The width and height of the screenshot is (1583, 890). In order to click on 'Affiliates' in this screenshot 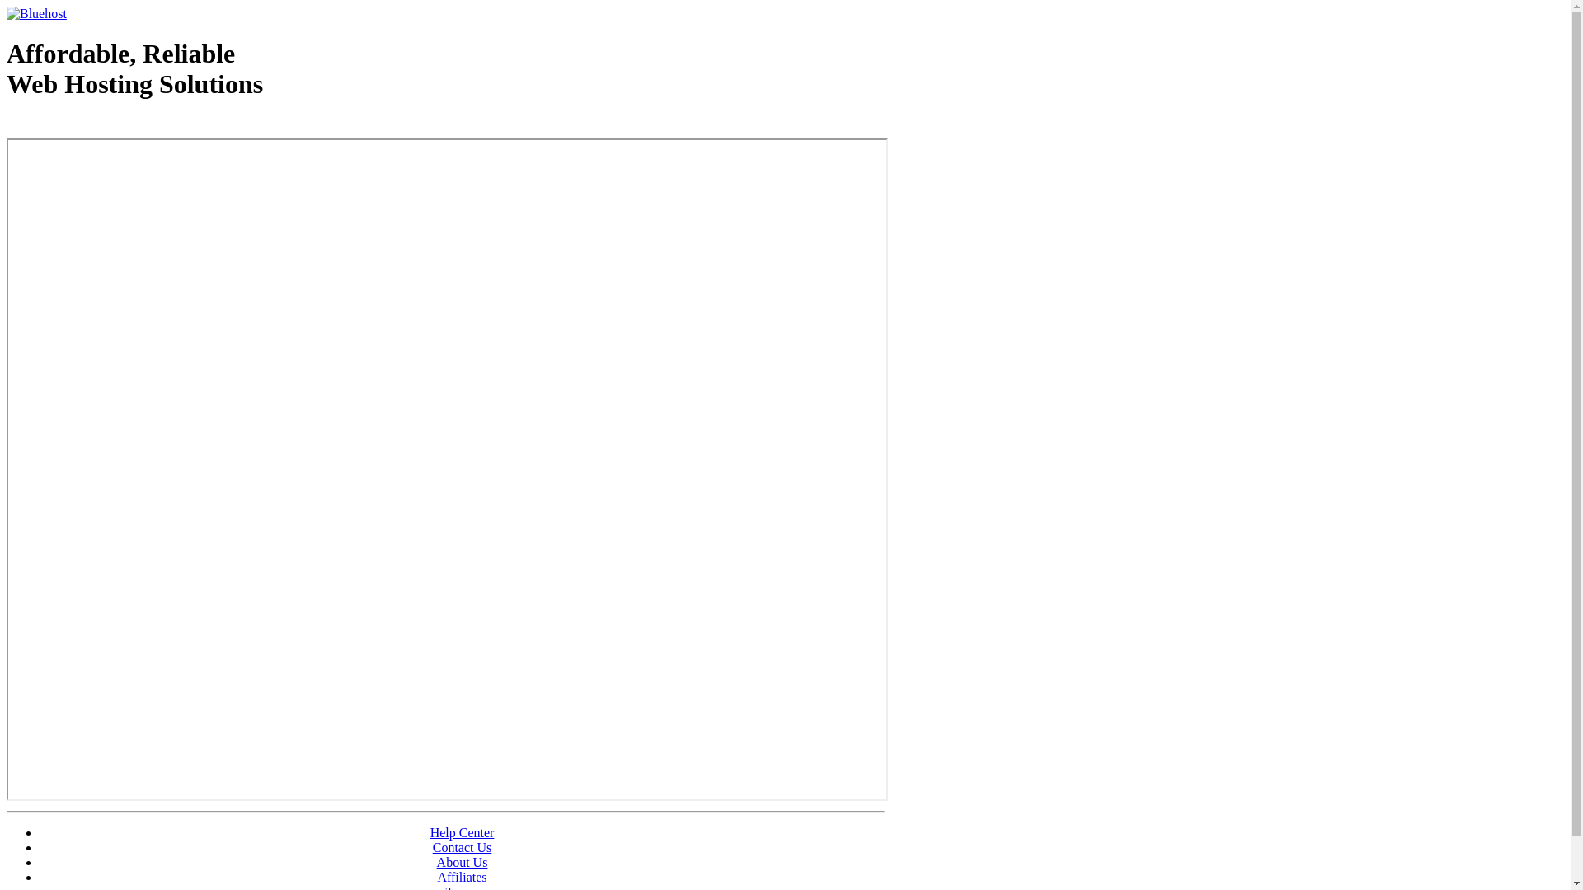, I will do `click(462, 876)`.